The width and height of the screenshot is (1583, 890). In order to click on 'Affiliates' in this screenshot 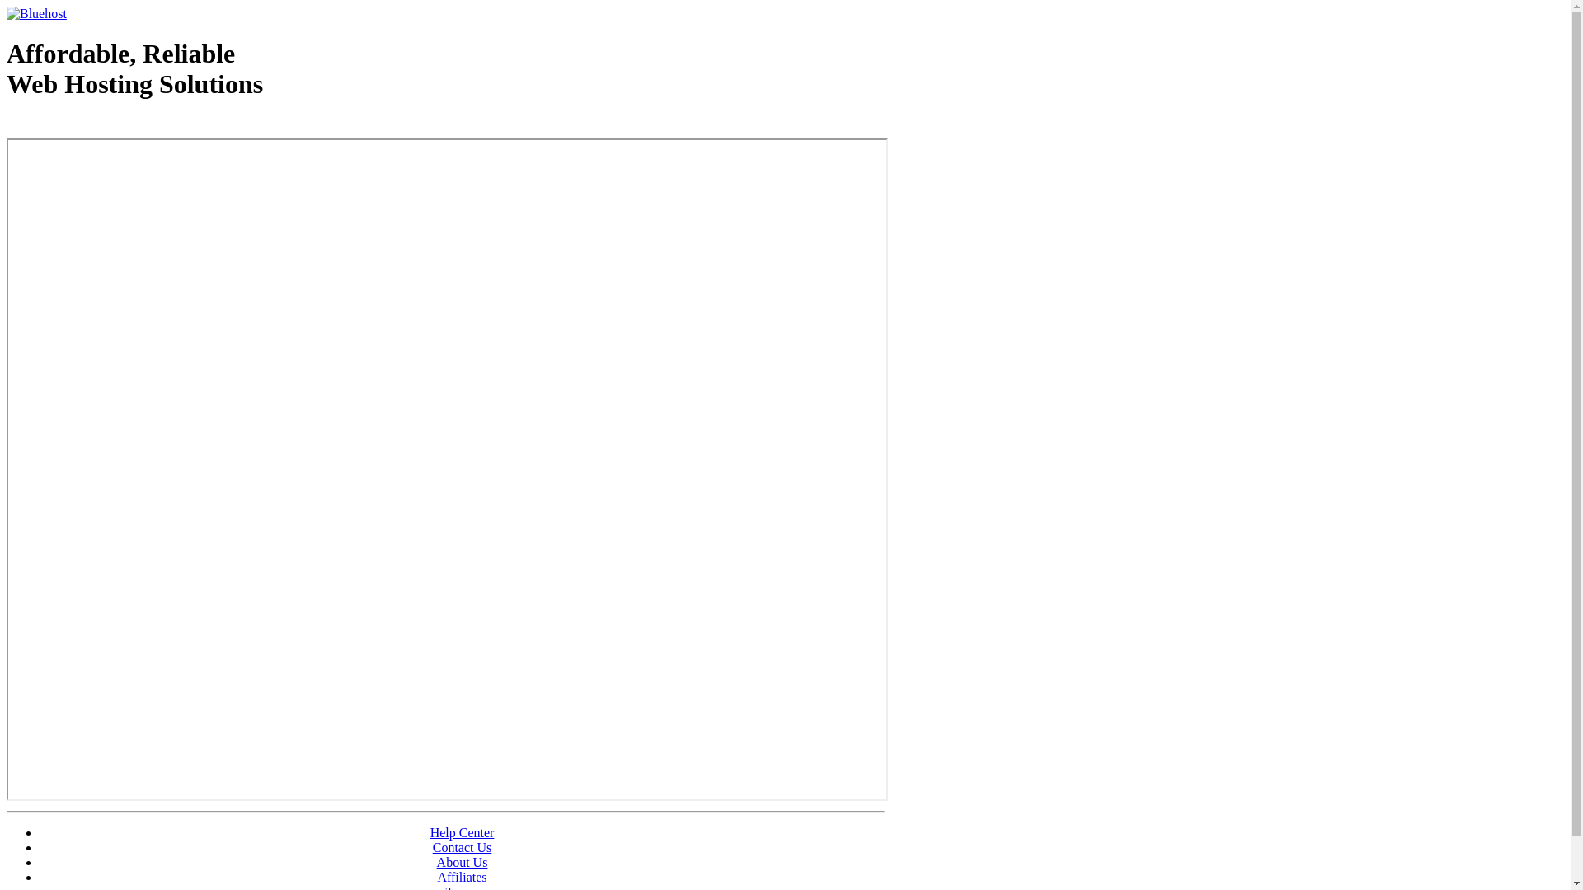, I will do `click(462, 876)`.